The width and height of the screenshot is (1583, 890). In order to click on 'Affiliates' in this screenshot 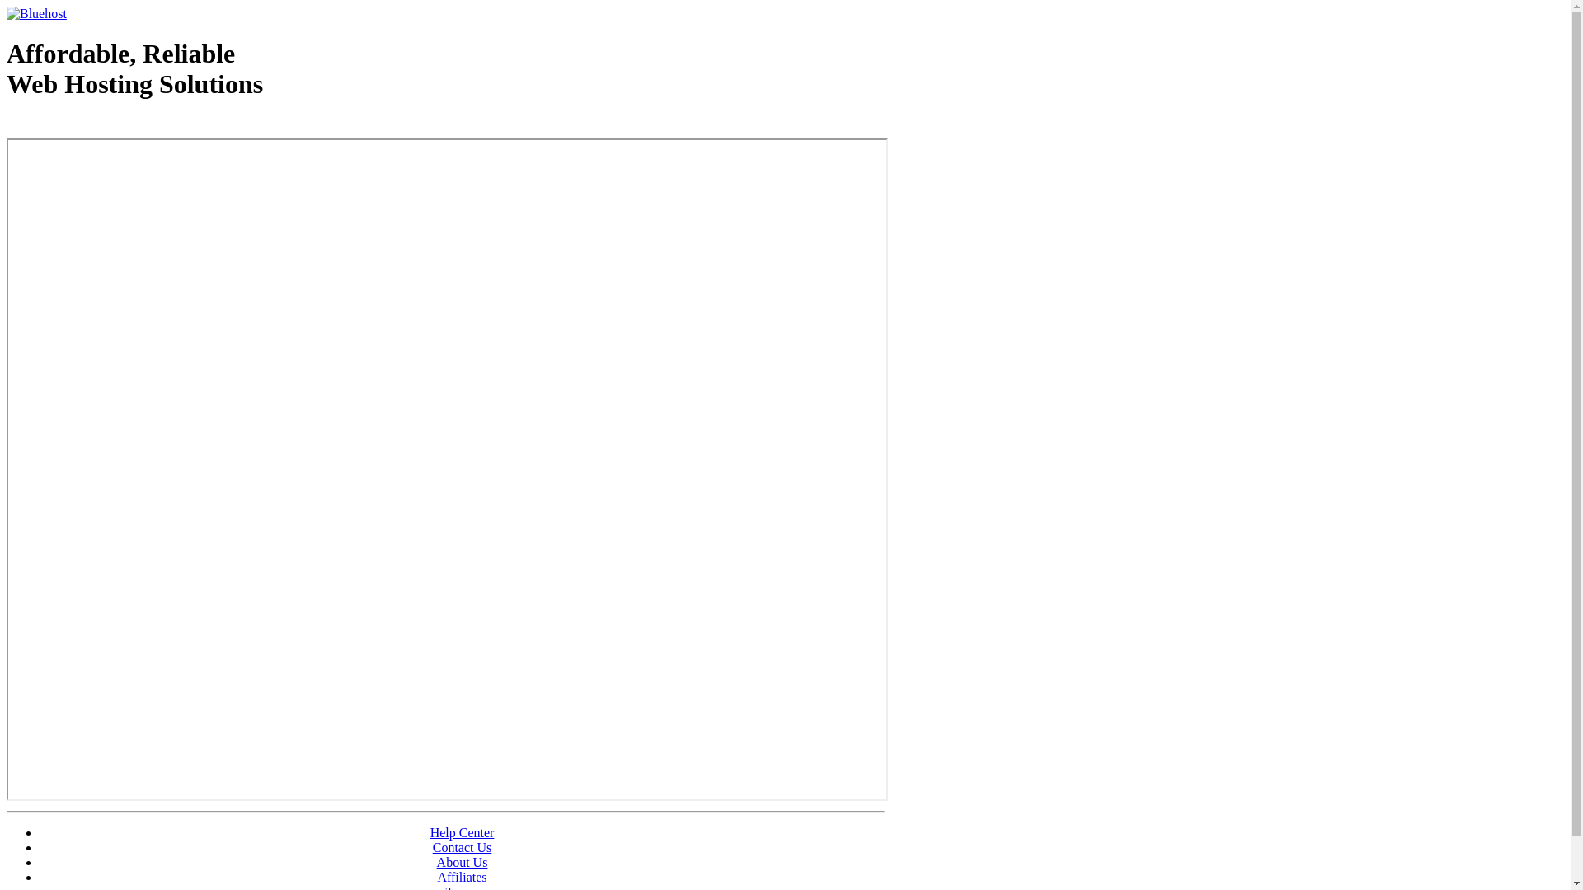, I will do `click(462, 876)`.